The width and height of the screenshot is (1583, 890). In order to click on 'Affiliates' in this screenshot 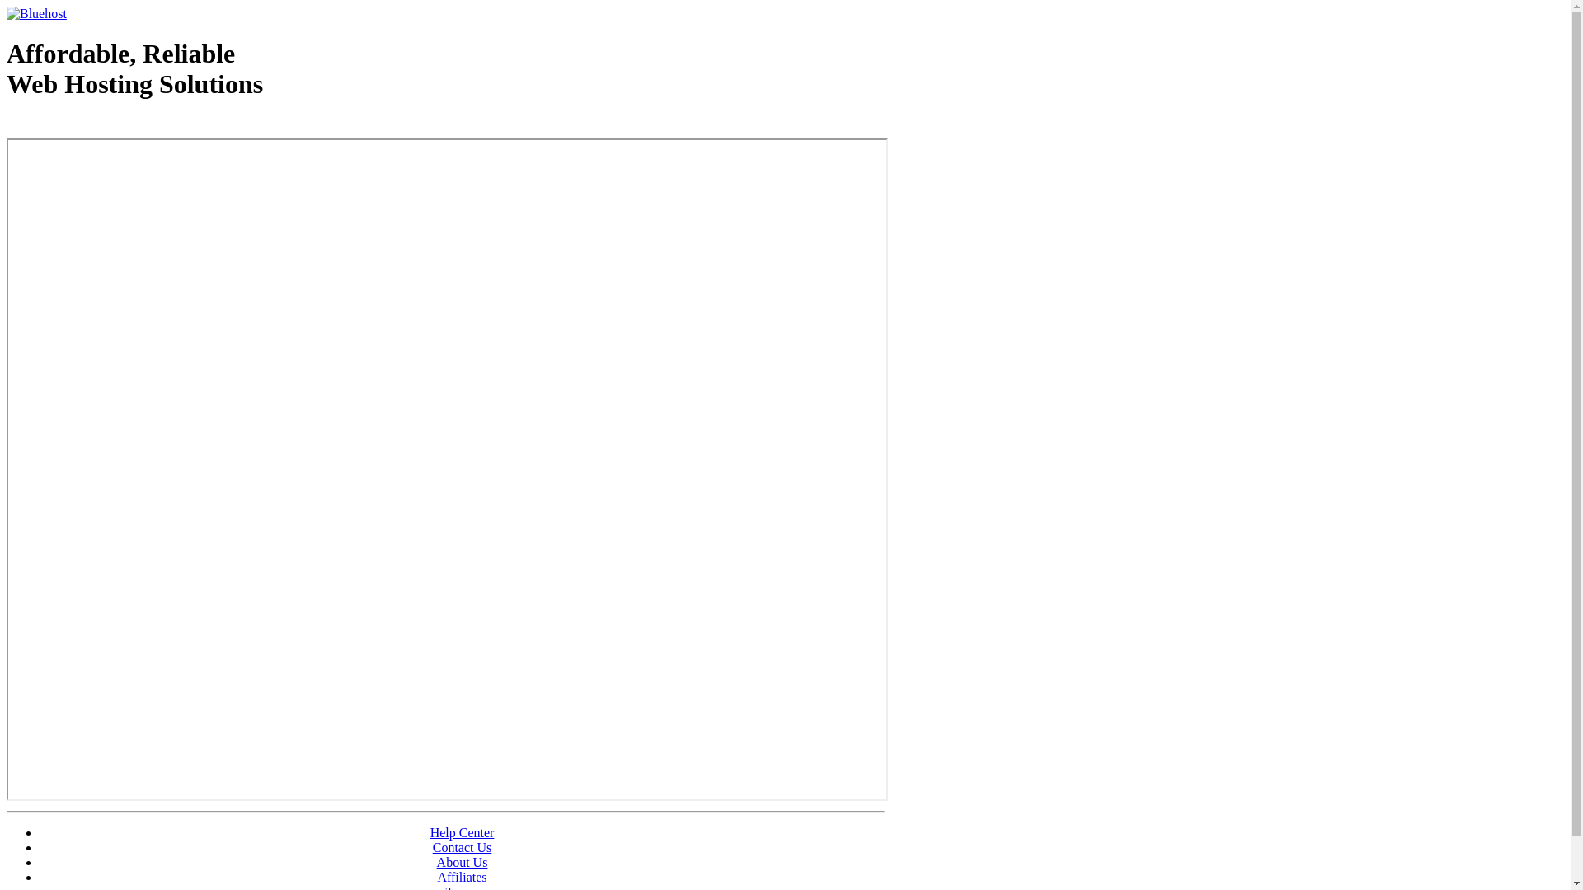, I will do `click(462, 876)`.